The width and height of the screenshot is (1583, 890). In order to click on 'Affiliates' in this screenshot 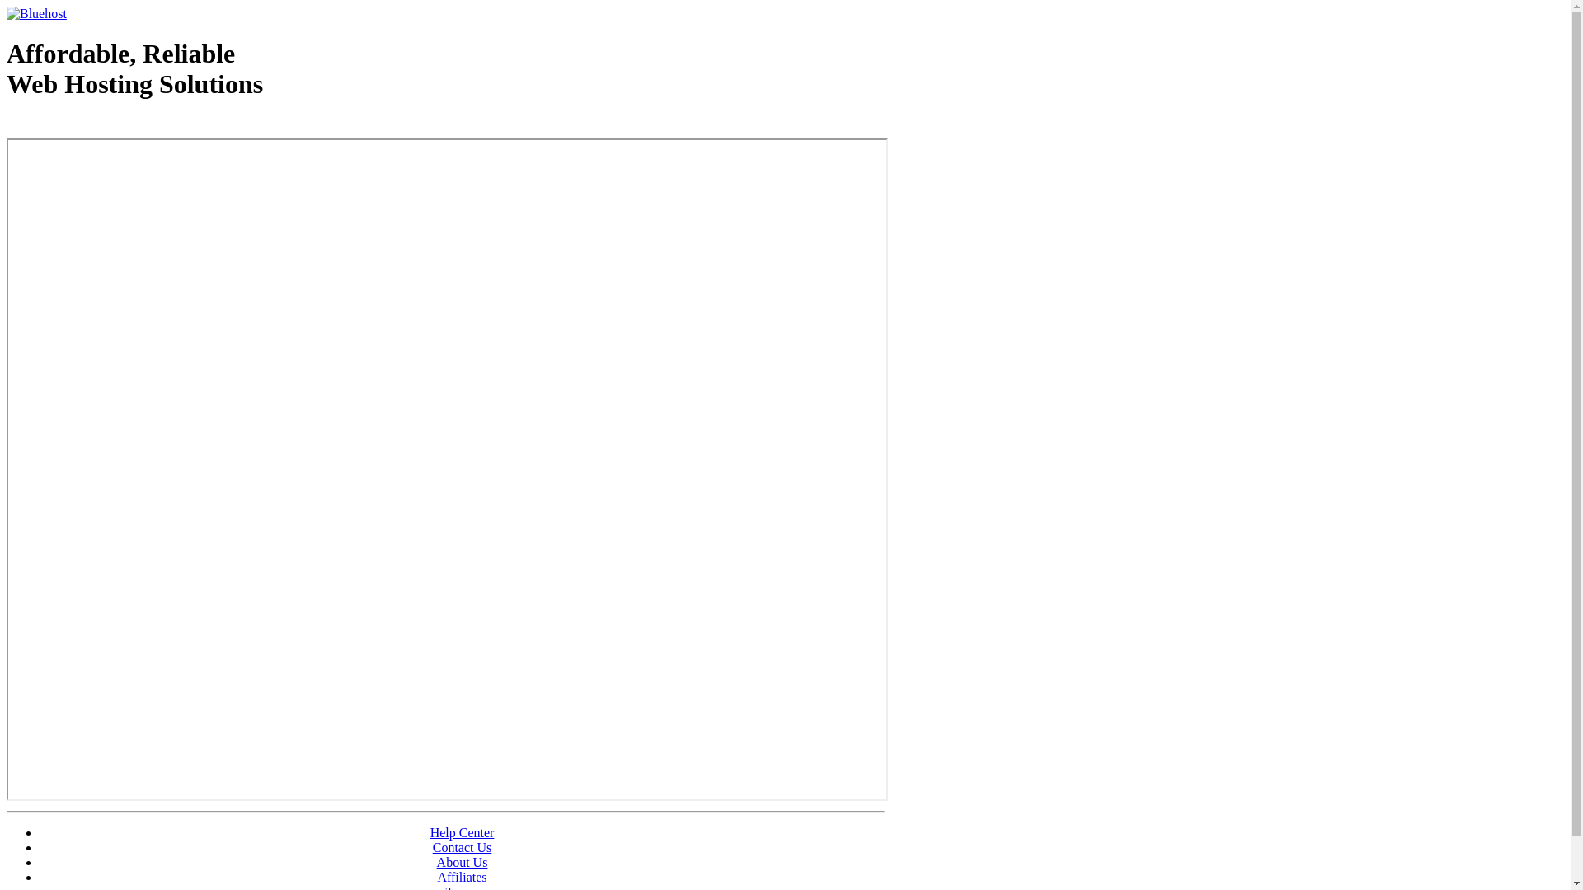, I will do `click(462, 876)`.